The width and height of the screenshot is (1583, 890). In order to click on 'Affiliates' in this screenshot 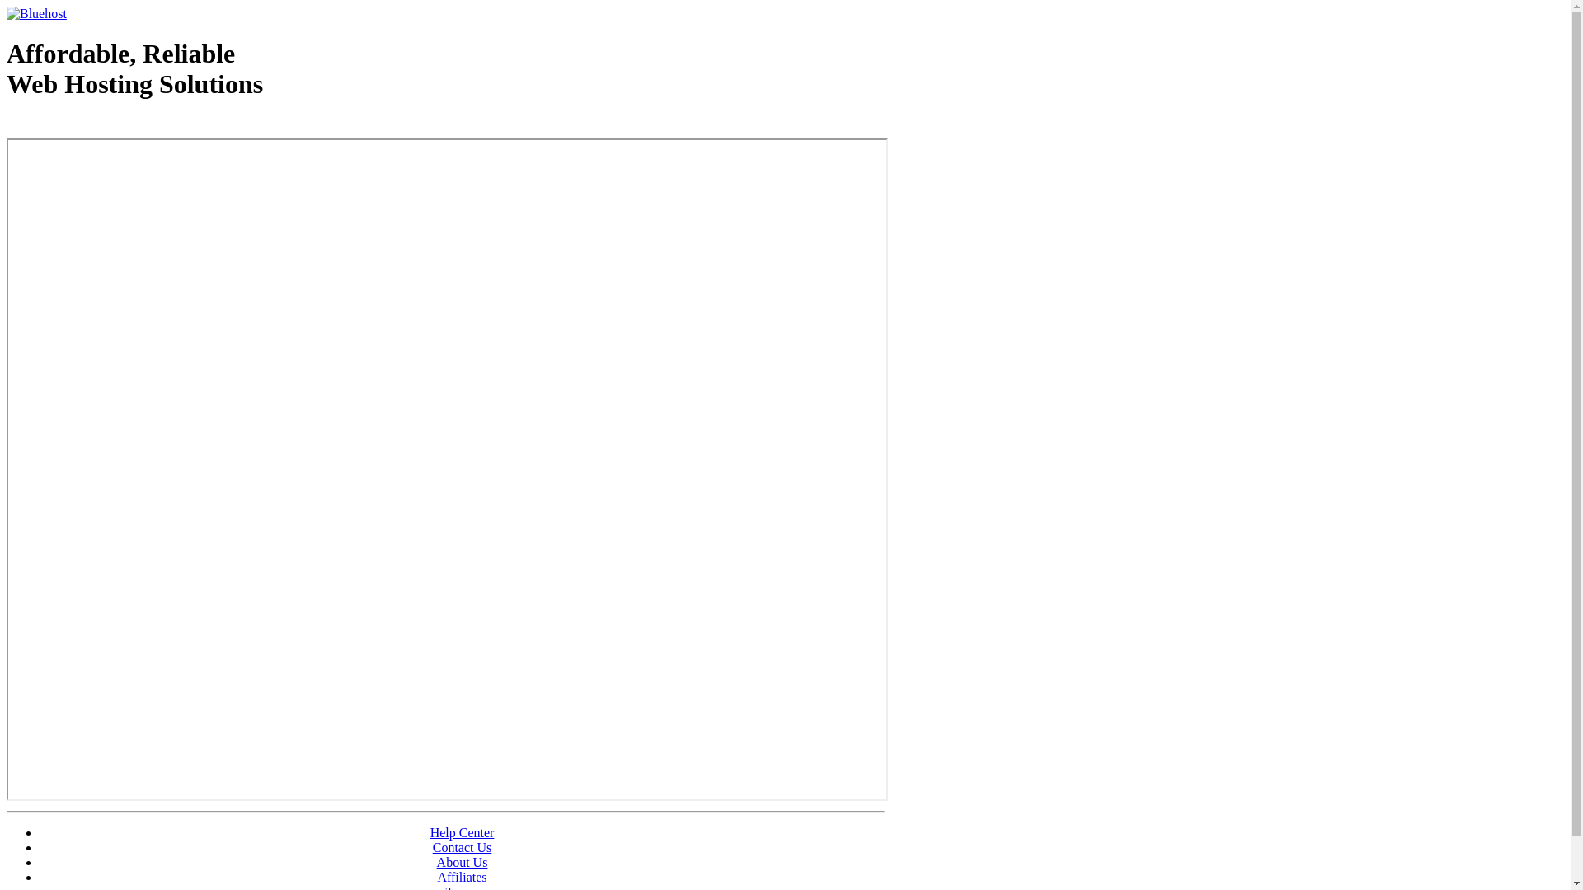, I will do `click(462, 876)`.